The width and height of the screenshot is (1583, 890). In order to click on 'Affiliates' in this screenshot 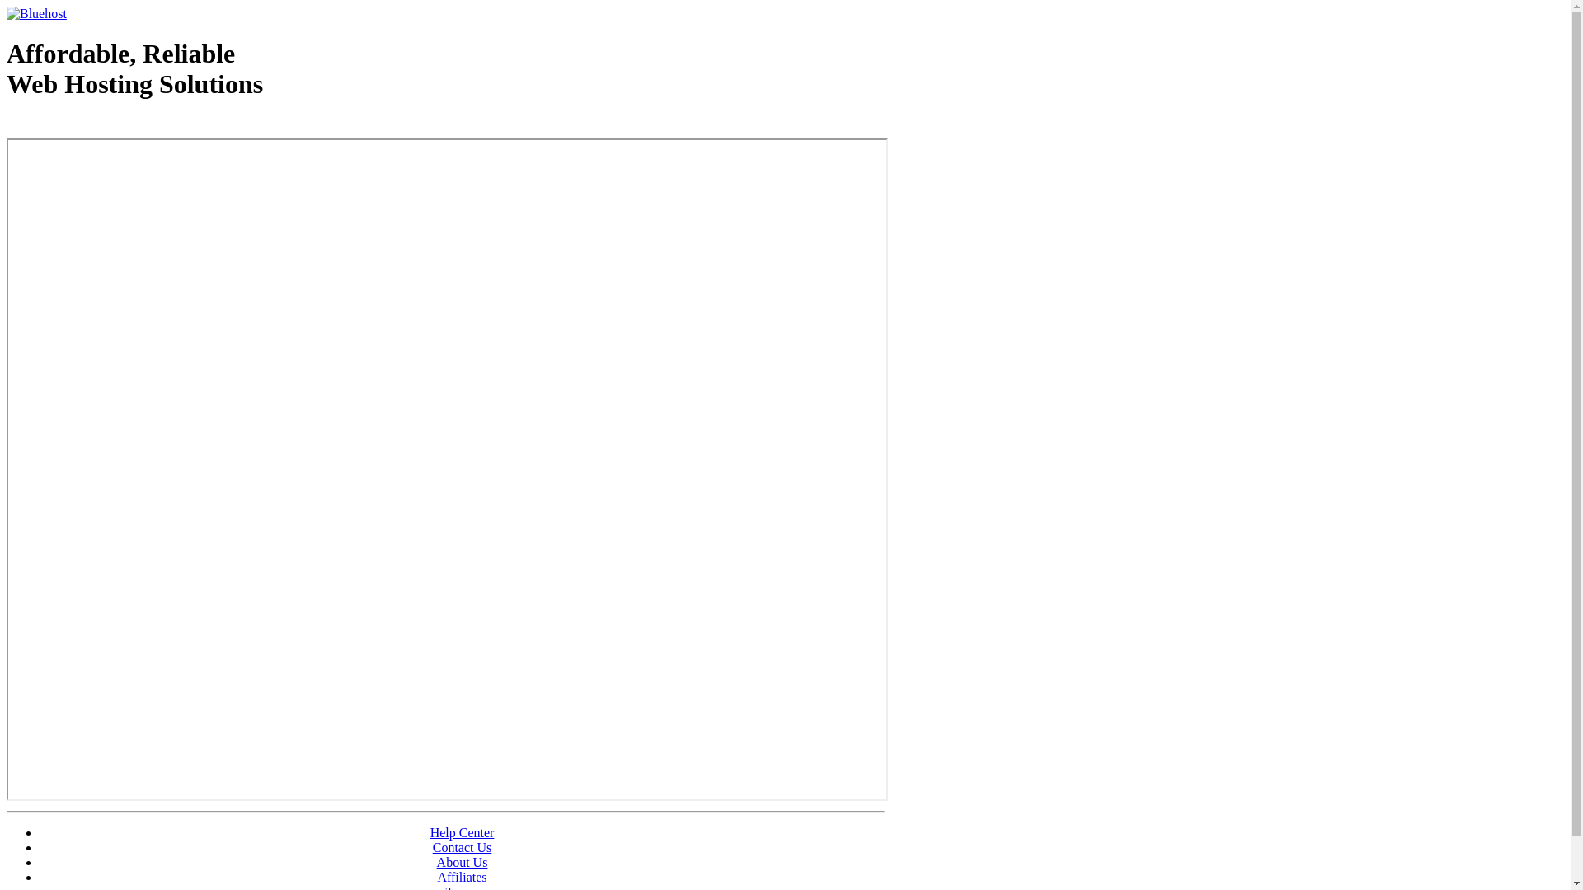, I will do `click(462, 876)`.